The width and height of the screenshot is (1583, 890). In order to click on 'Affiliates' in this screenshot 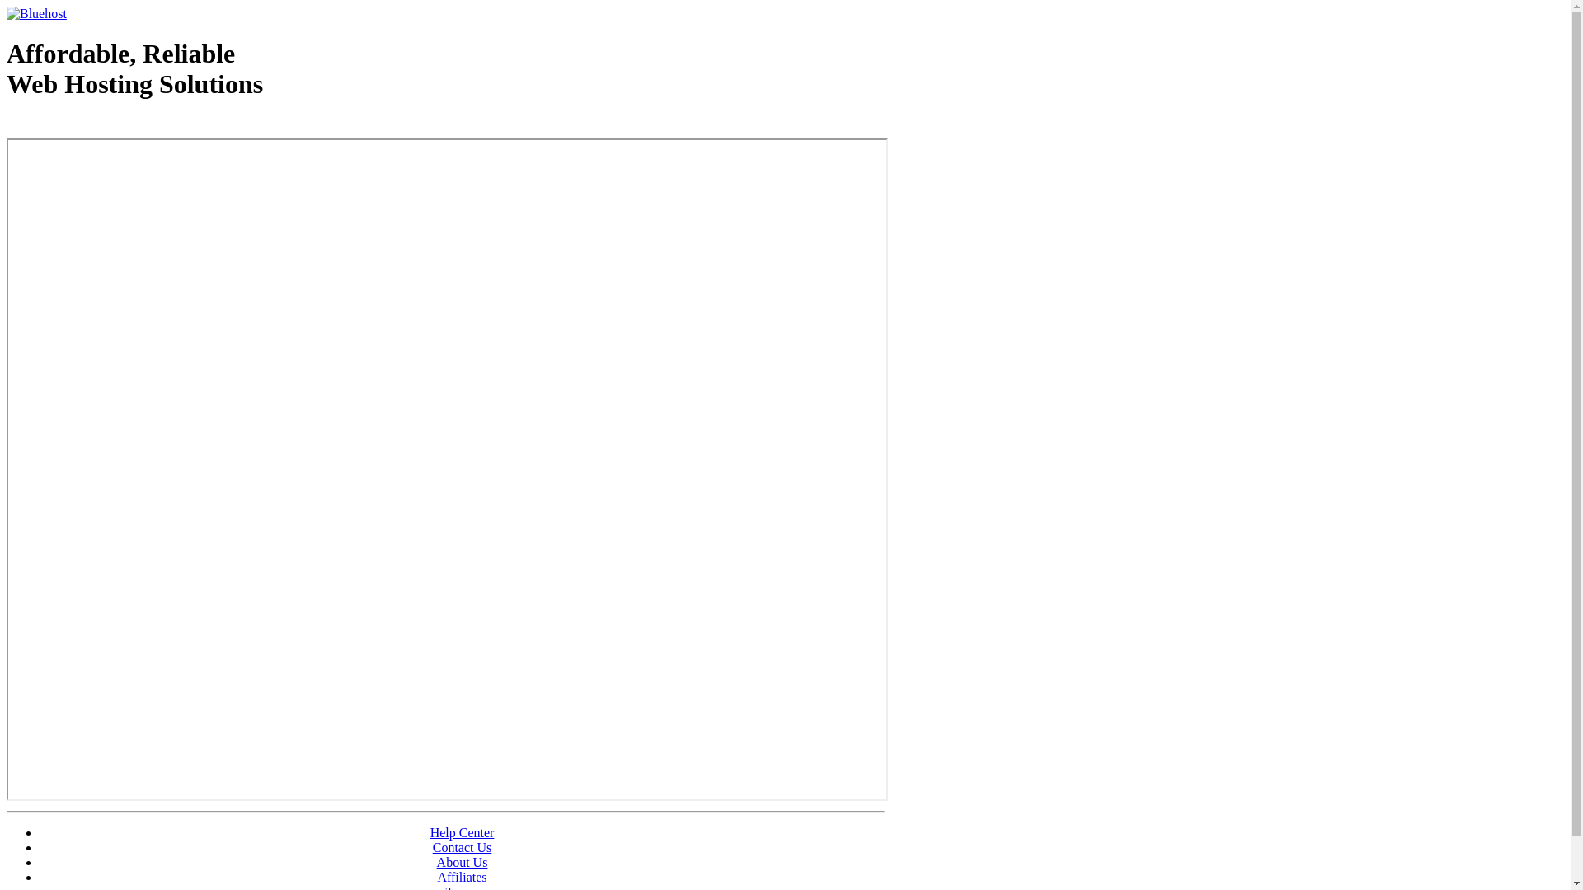, I will do `click(462, 876)`.